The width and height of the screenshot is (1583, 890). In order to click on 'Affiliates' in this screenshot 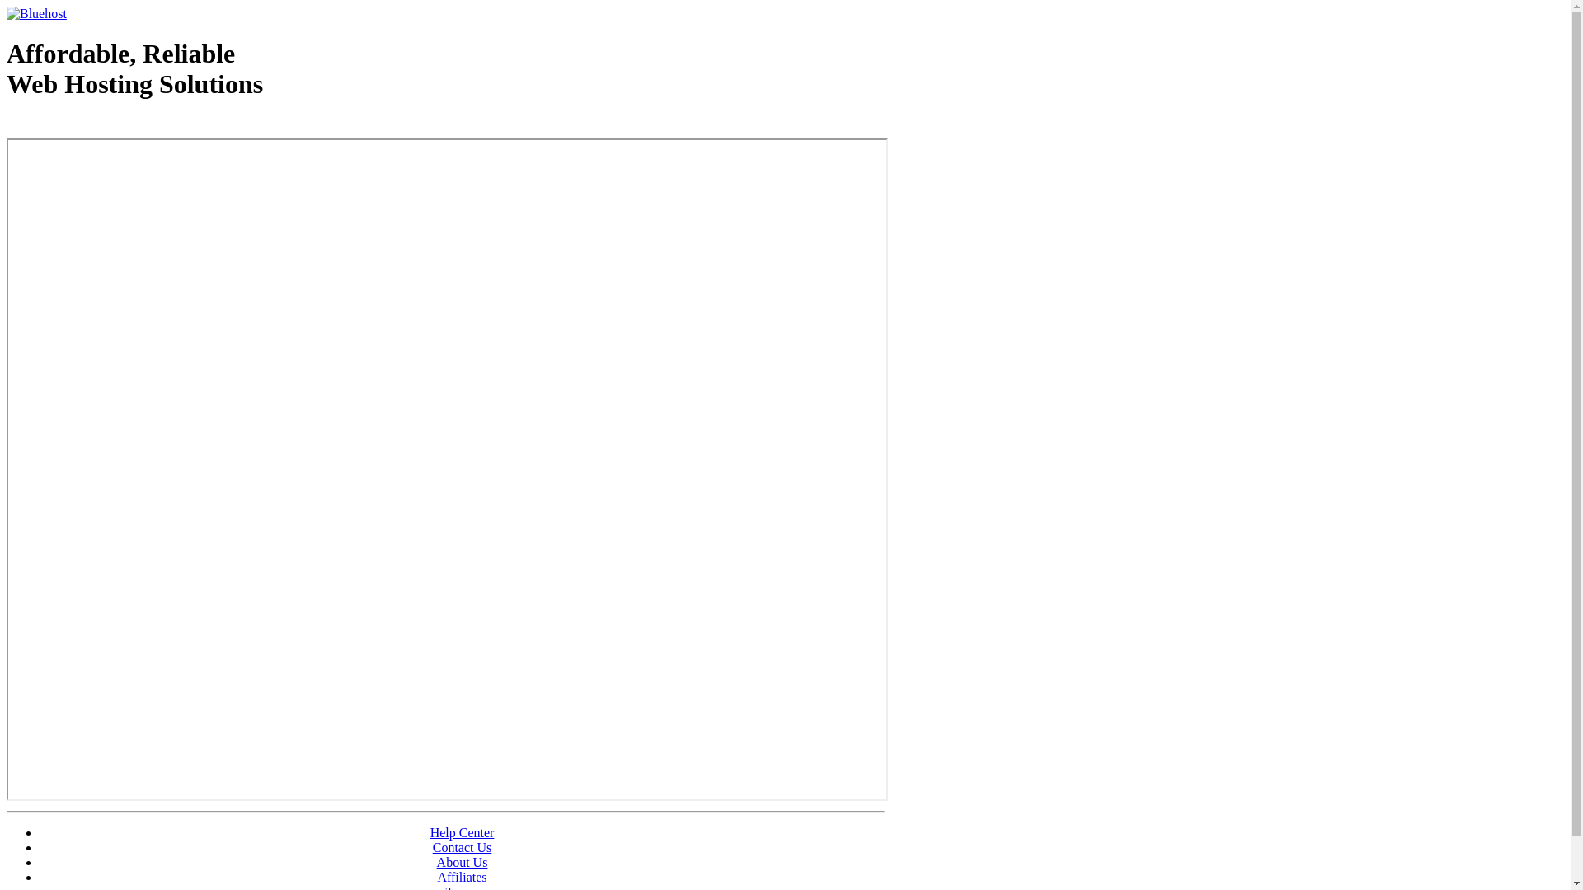, I will do `click(462, 876)`.